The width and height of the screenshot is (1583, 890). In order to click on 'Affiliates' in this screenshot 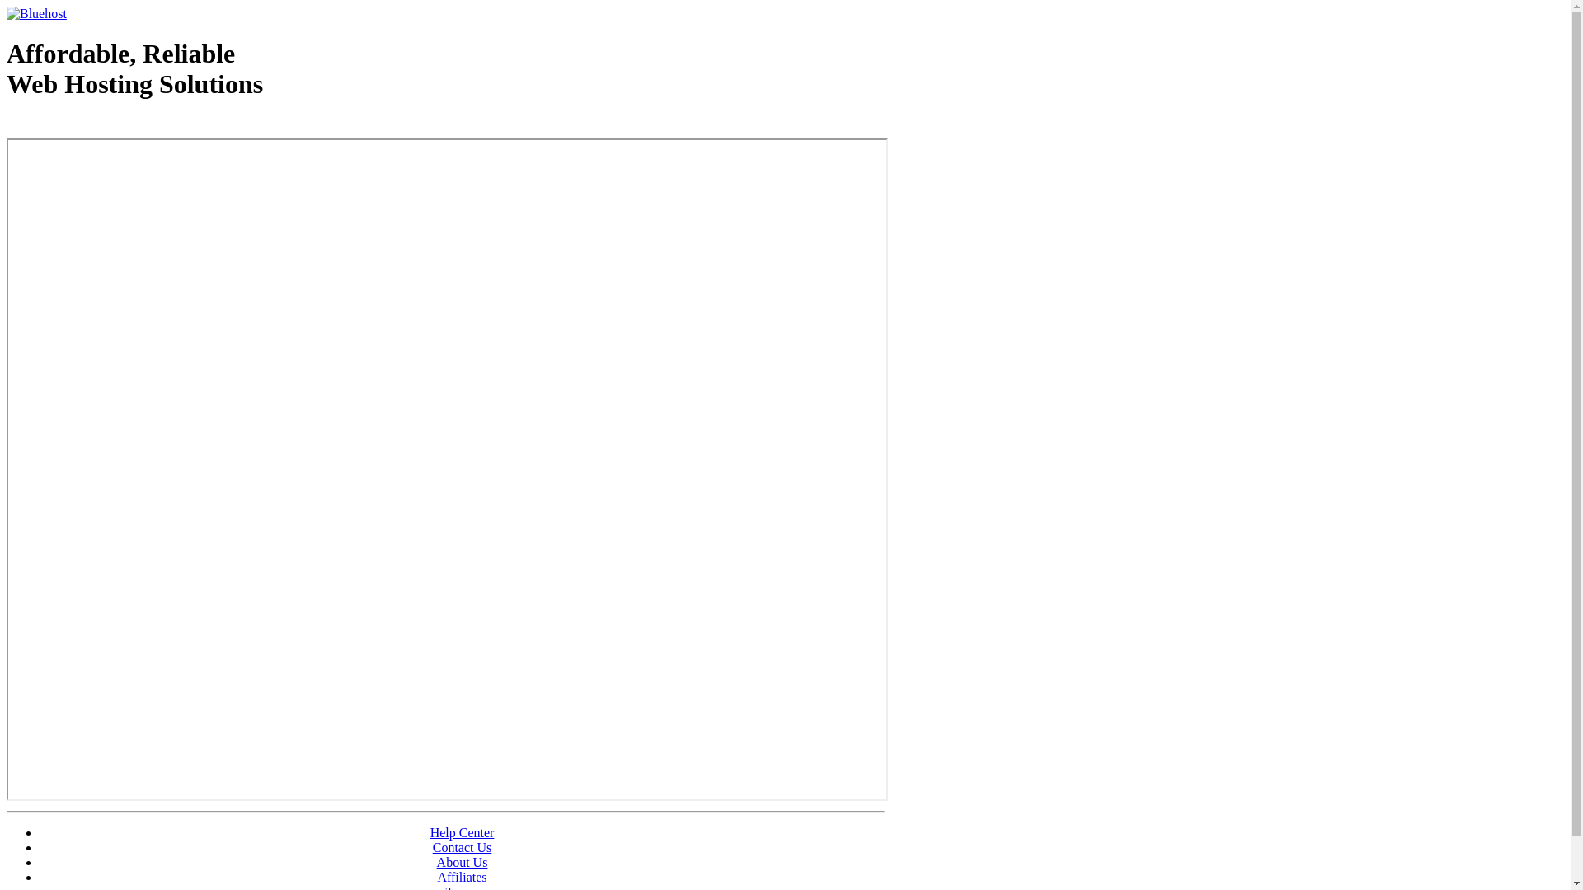, I will do `click(462, 876)`.